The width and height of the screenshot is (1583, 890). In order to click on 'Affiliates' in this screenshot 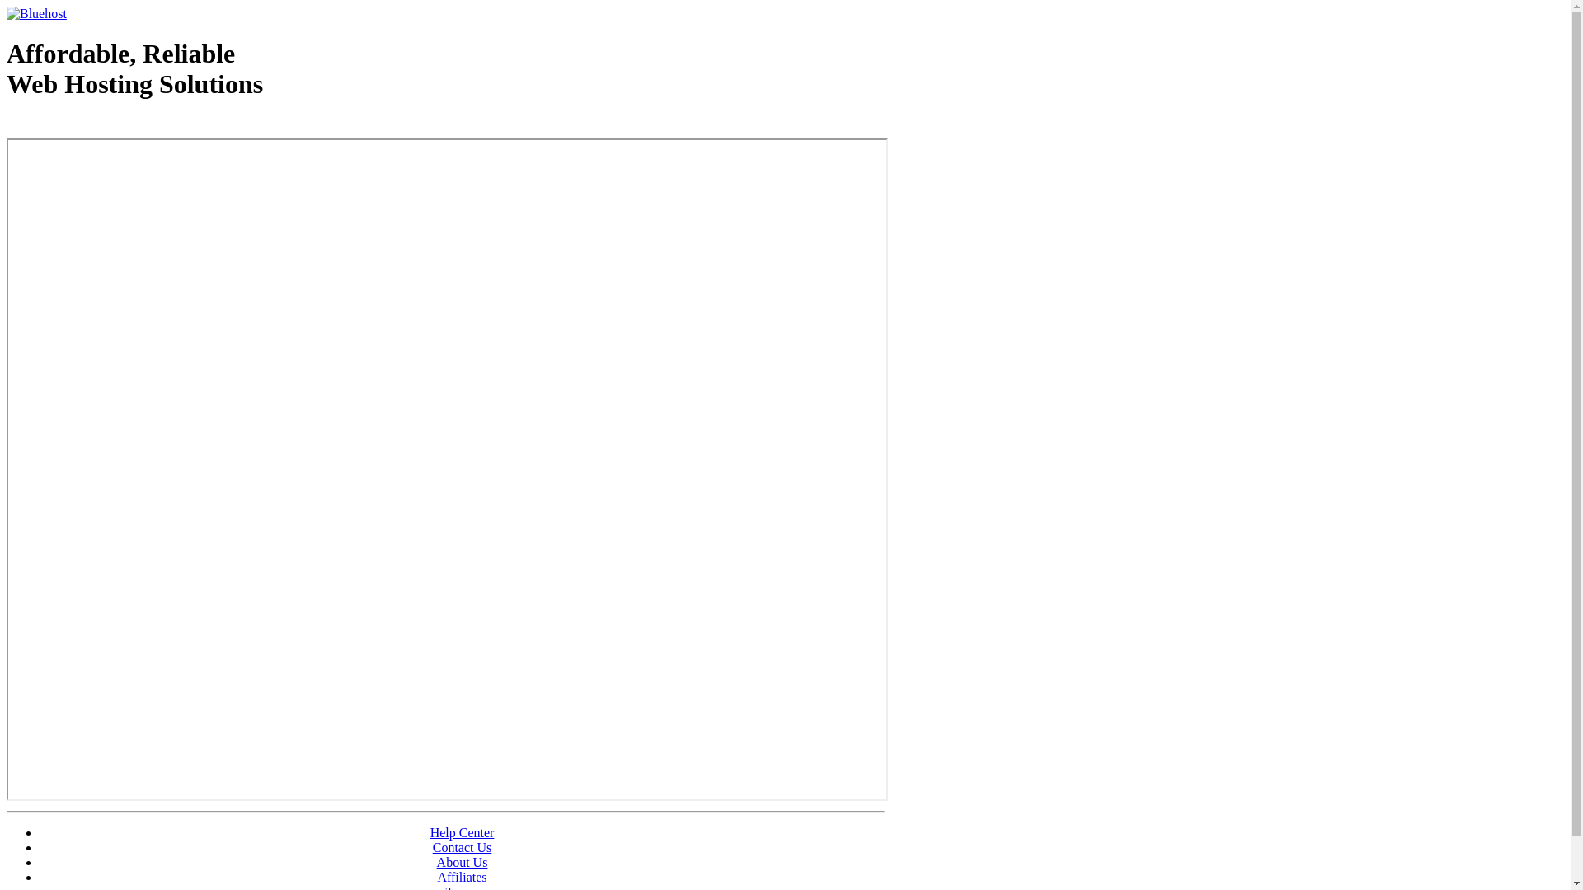, I will do `click(462, 876)`.